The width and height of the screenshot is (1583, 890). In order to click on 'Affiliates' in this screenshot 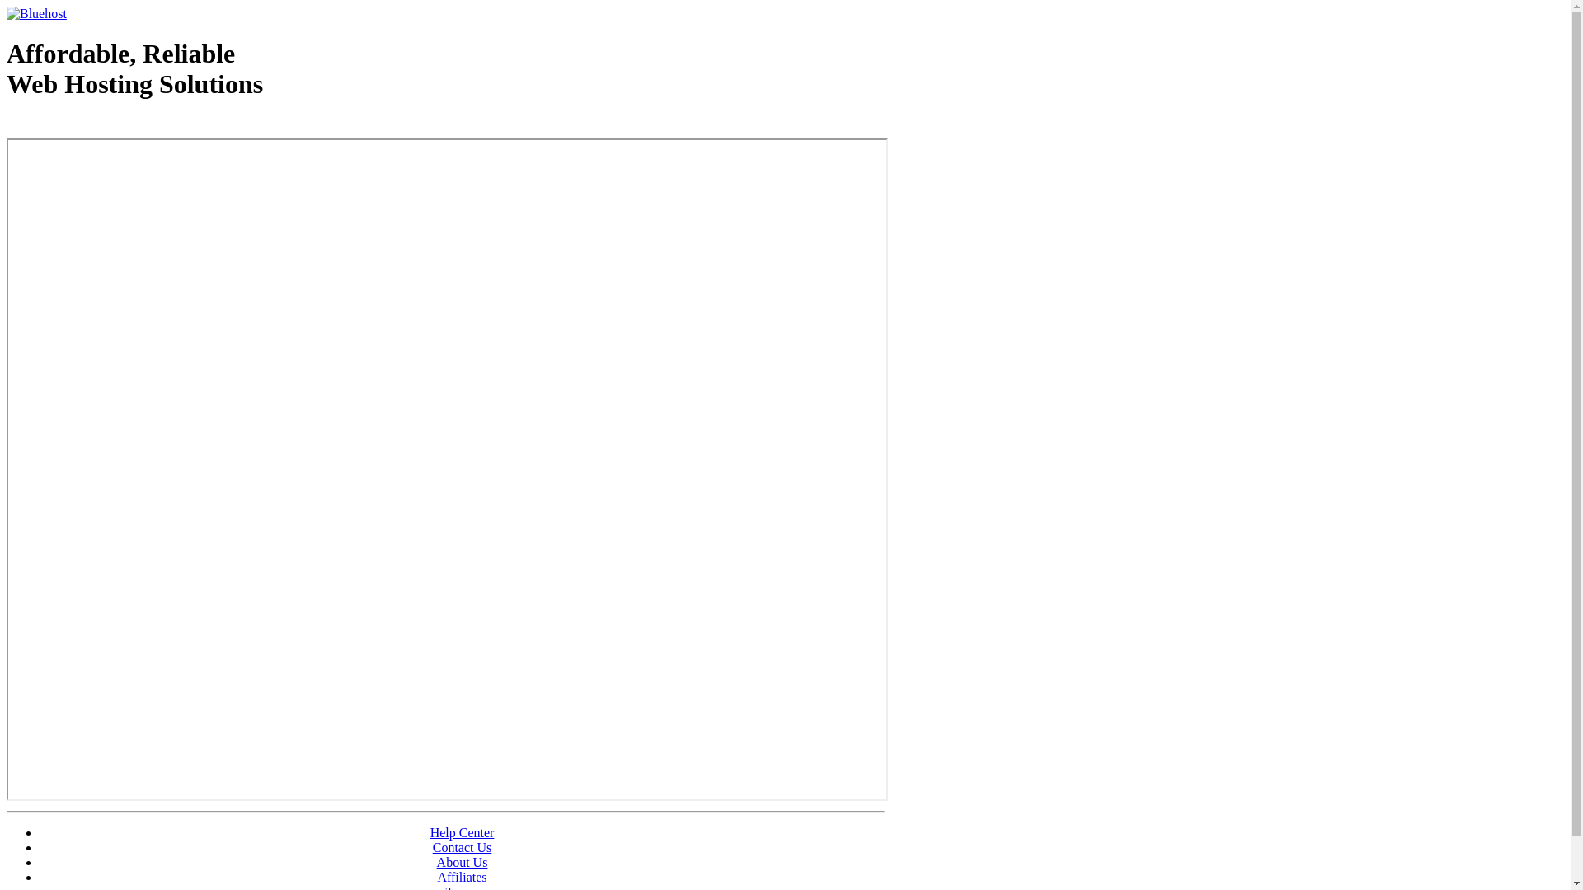, I will do `click(462, 876)`.